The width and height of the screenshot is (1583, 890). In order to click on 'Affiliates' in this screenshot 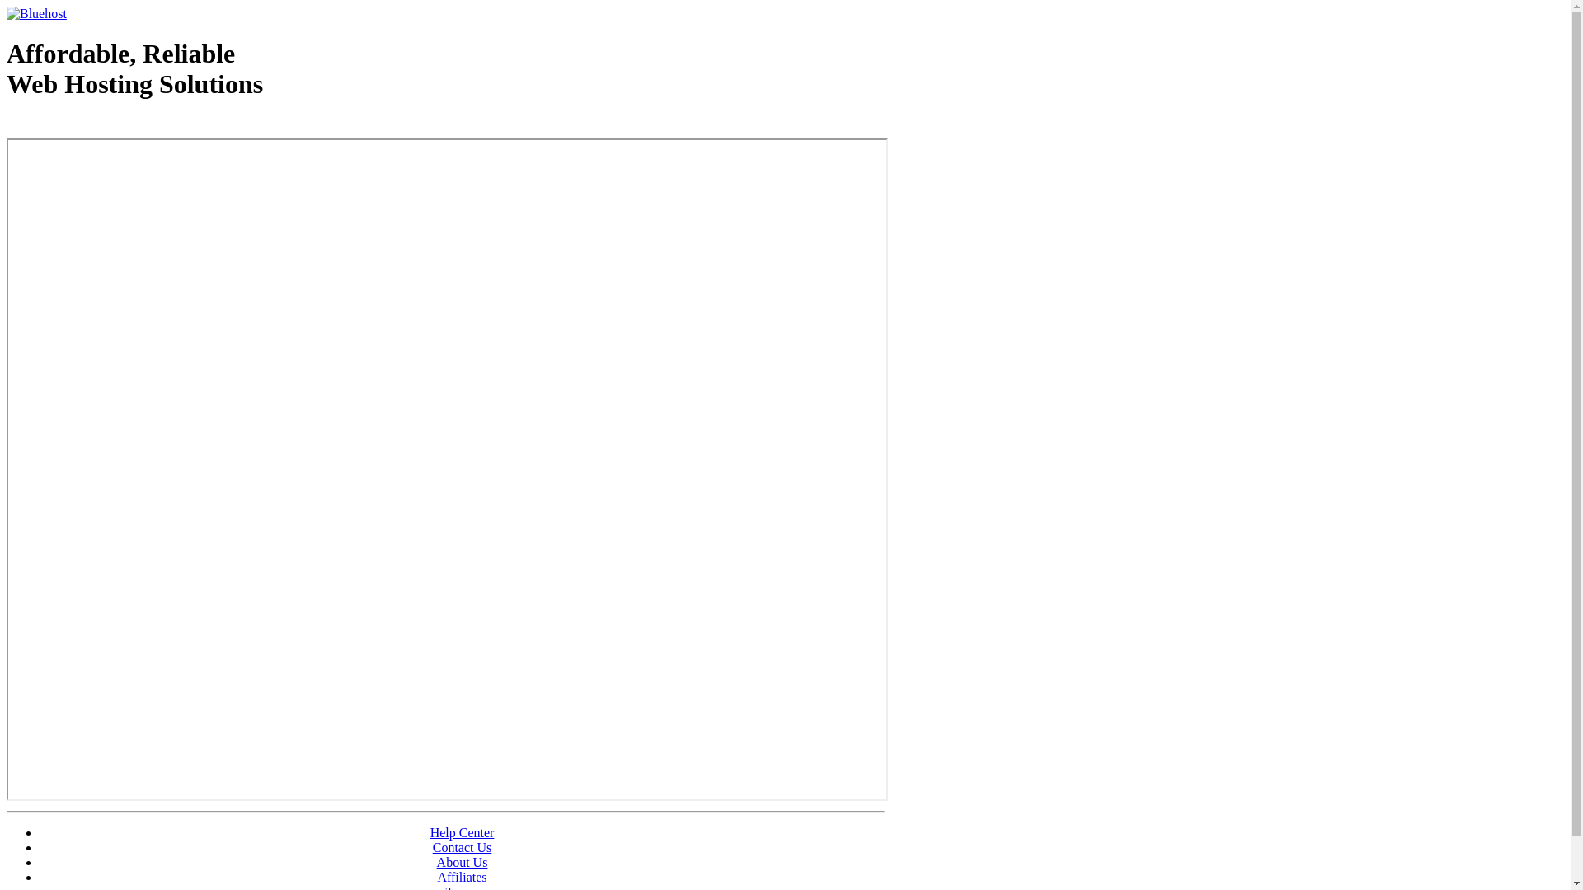, I will do `click(462, 876)`.